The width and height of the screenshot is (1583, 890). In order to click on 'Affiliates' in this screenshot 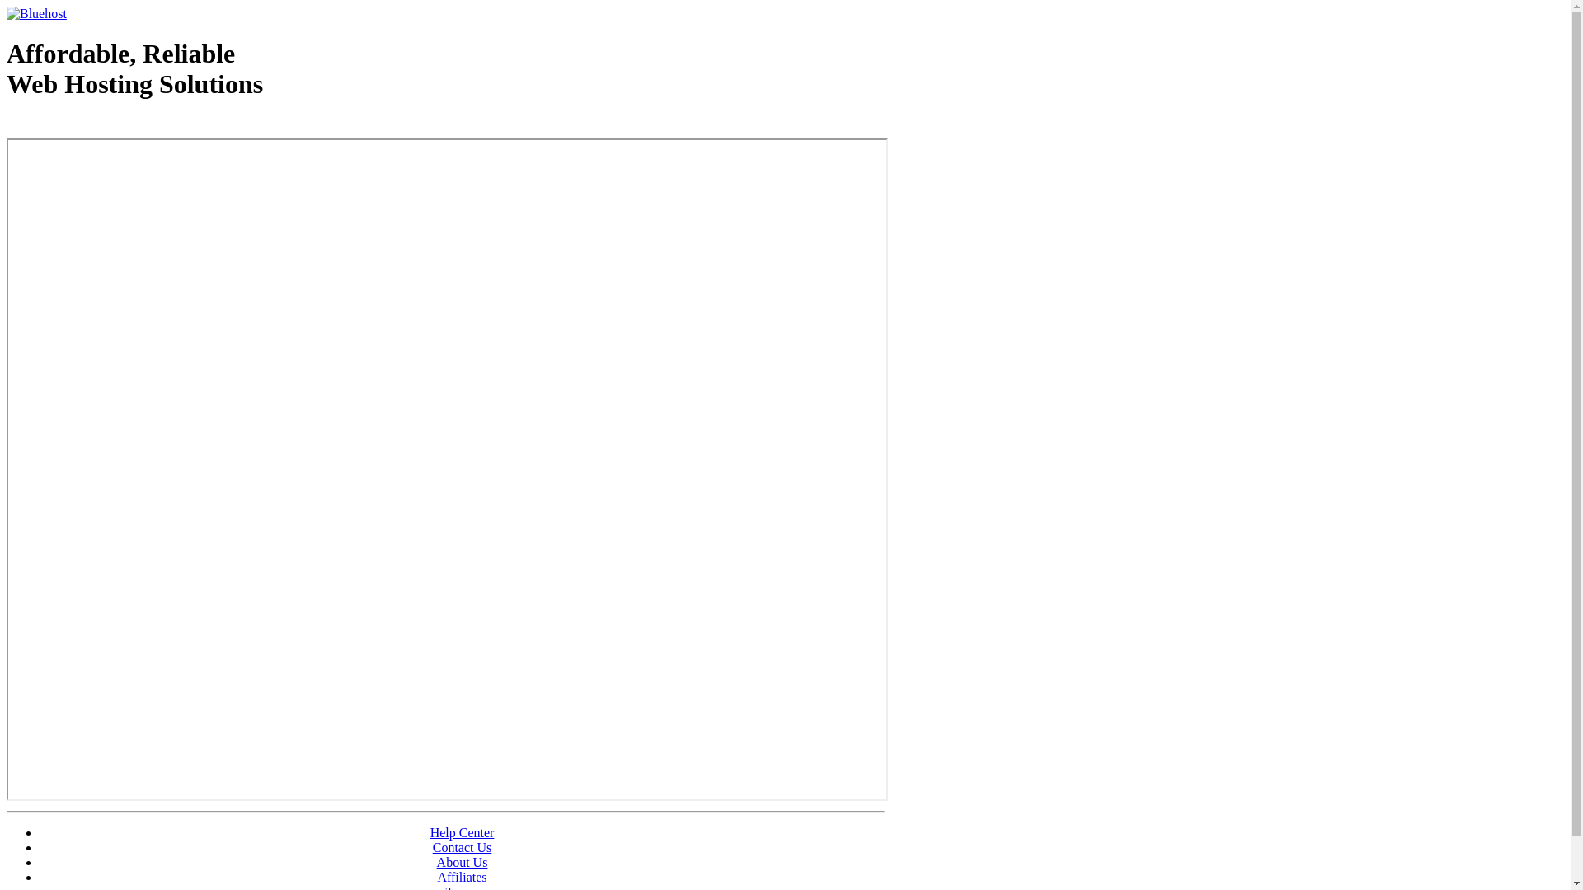, I will do `click(462, 876)`.